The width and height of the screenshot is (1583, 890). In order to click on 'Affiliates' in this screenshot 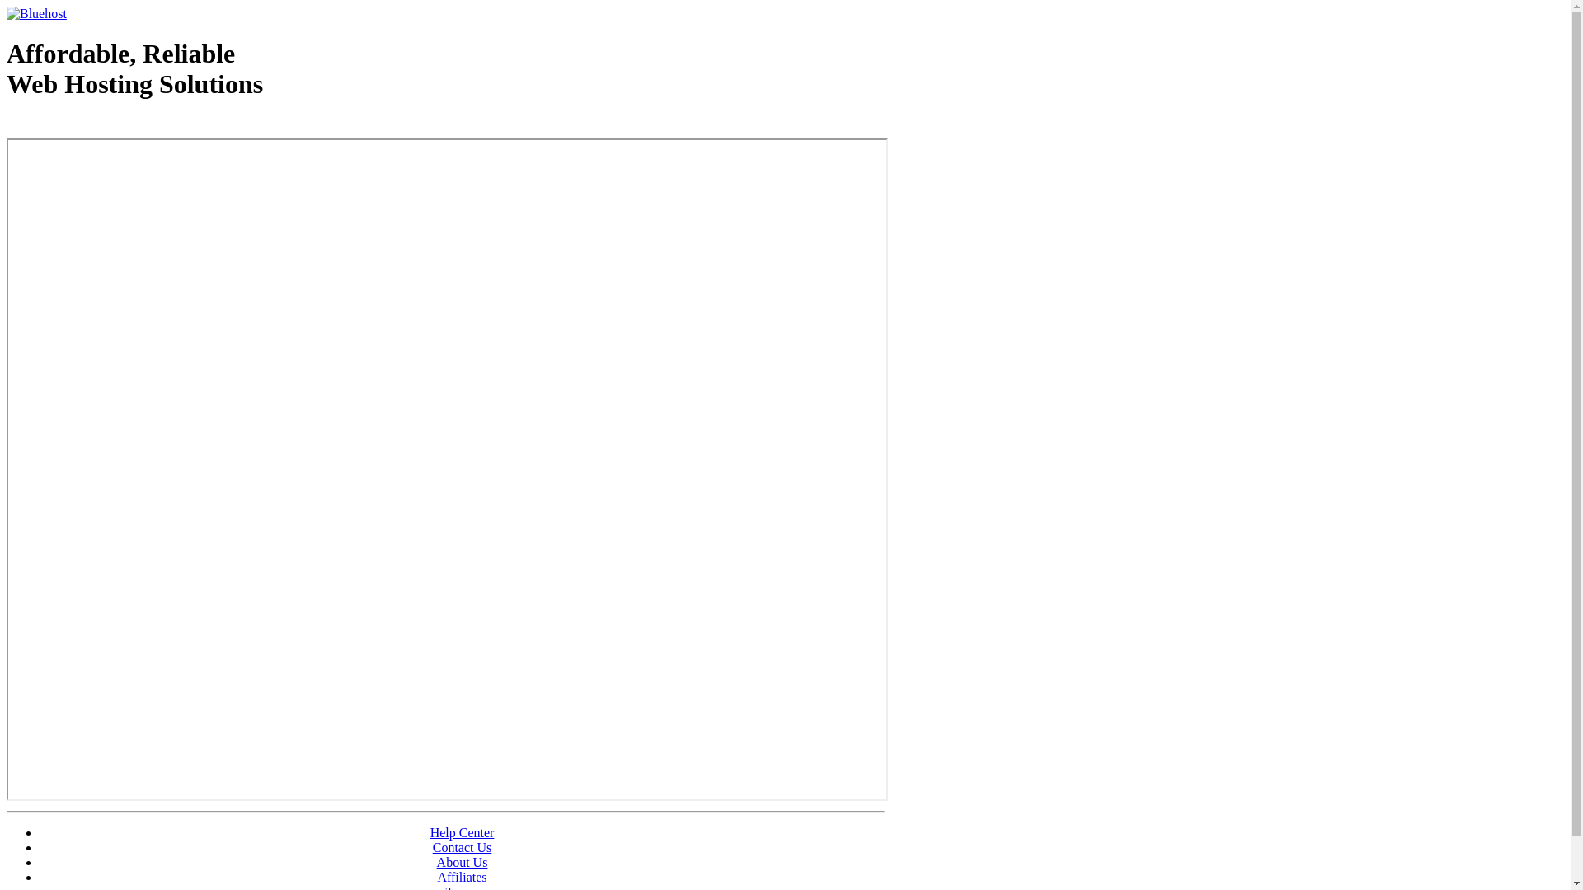, I will do `click(462, 876)`.